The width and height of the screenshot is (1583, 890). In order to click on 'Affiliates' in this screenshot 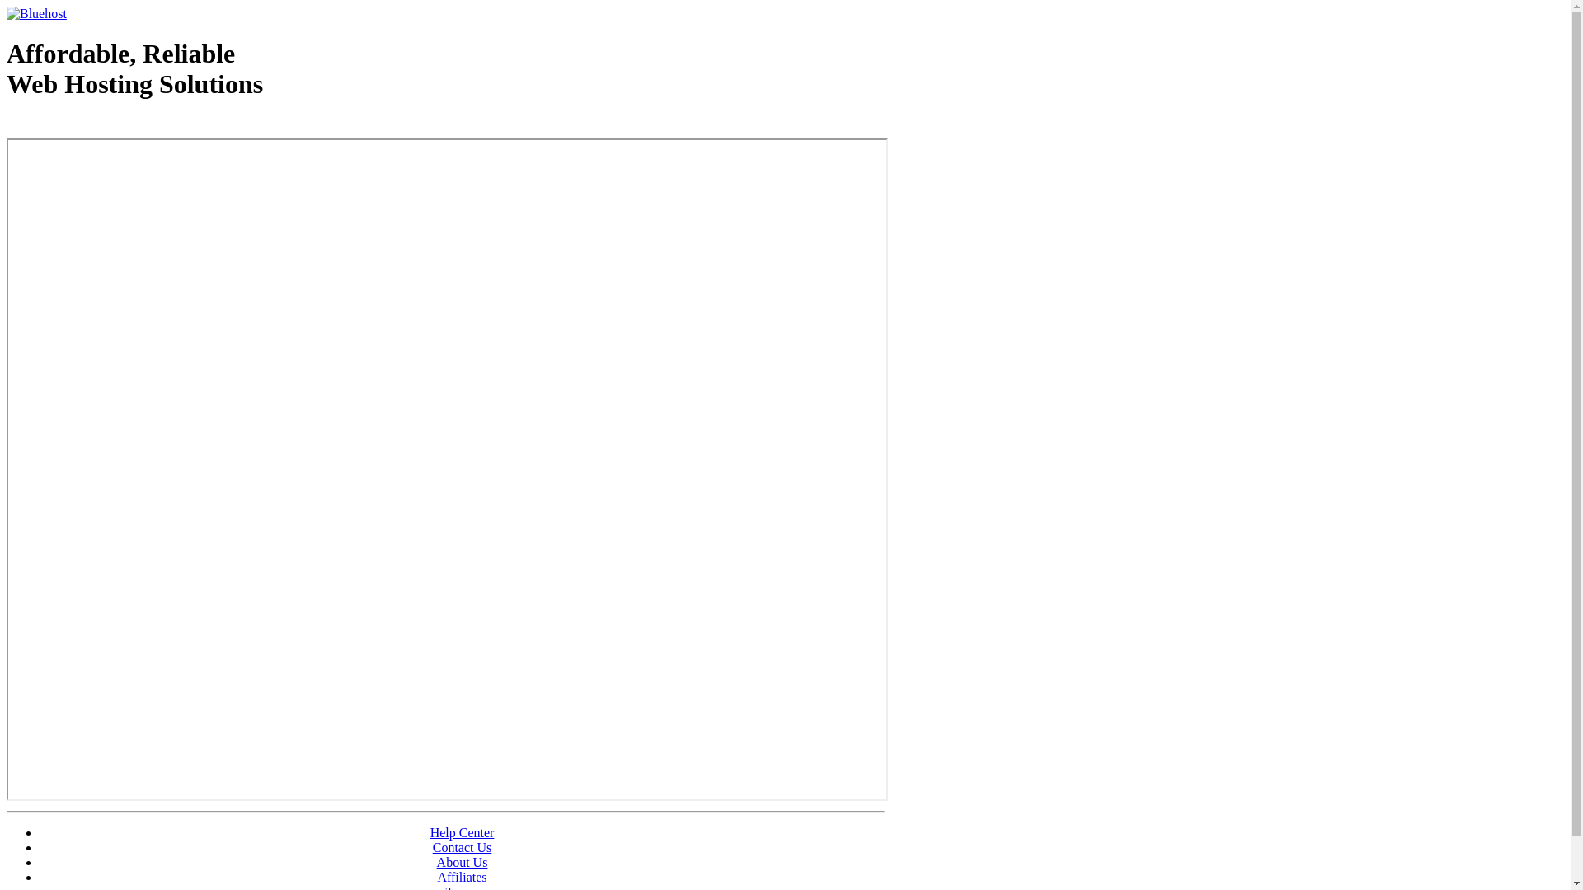, I will do `click(462, 876)`.